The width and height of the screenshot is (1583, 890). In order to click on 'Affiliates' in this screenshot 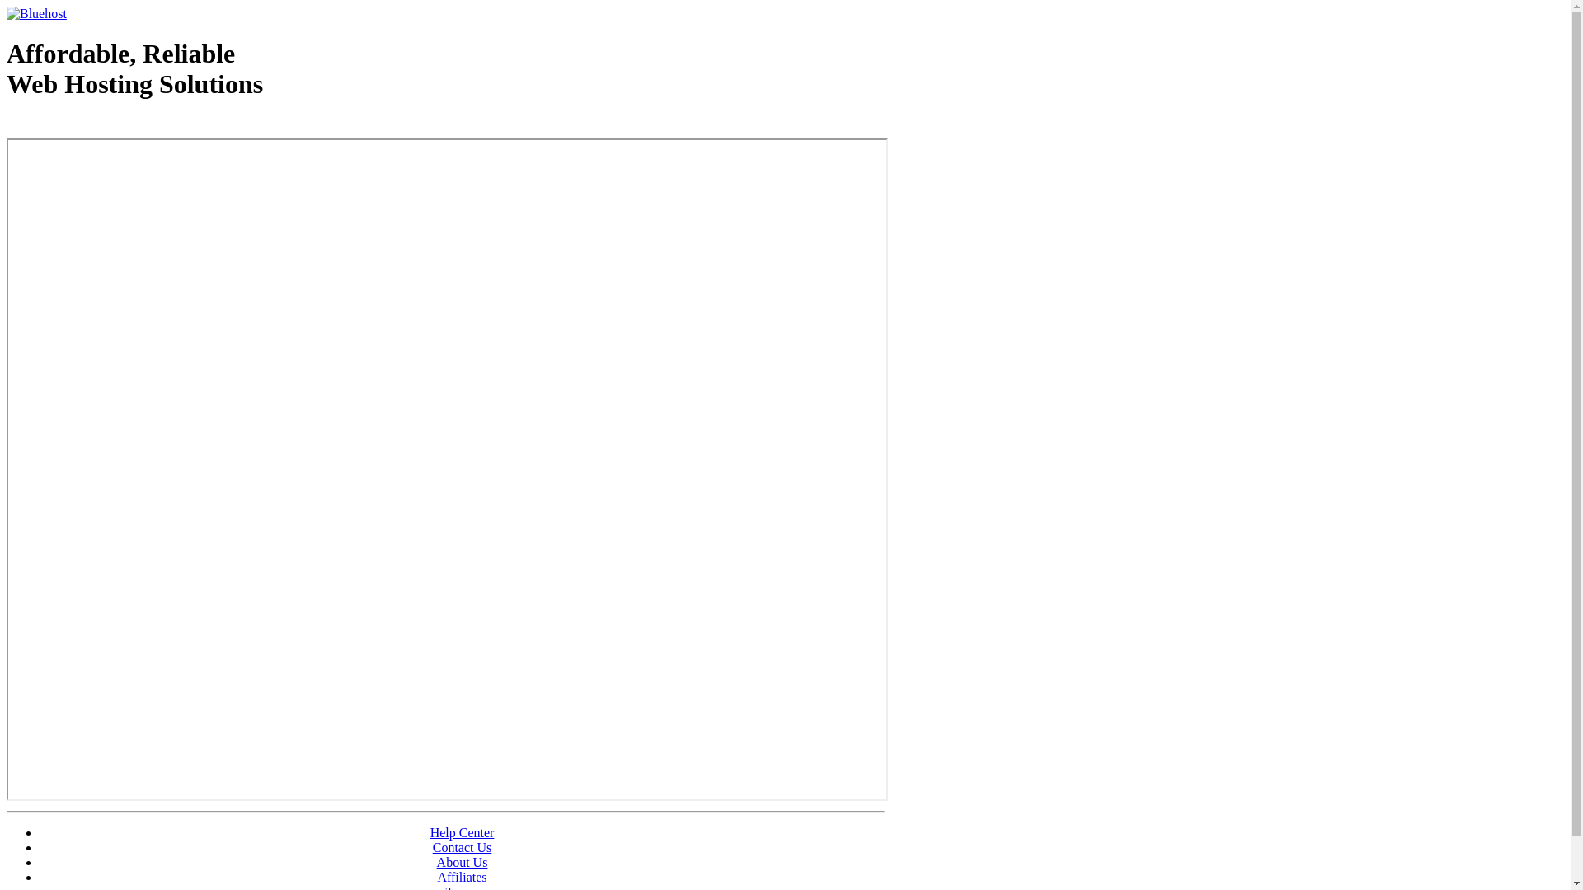, I will do `click(462, 876)`.